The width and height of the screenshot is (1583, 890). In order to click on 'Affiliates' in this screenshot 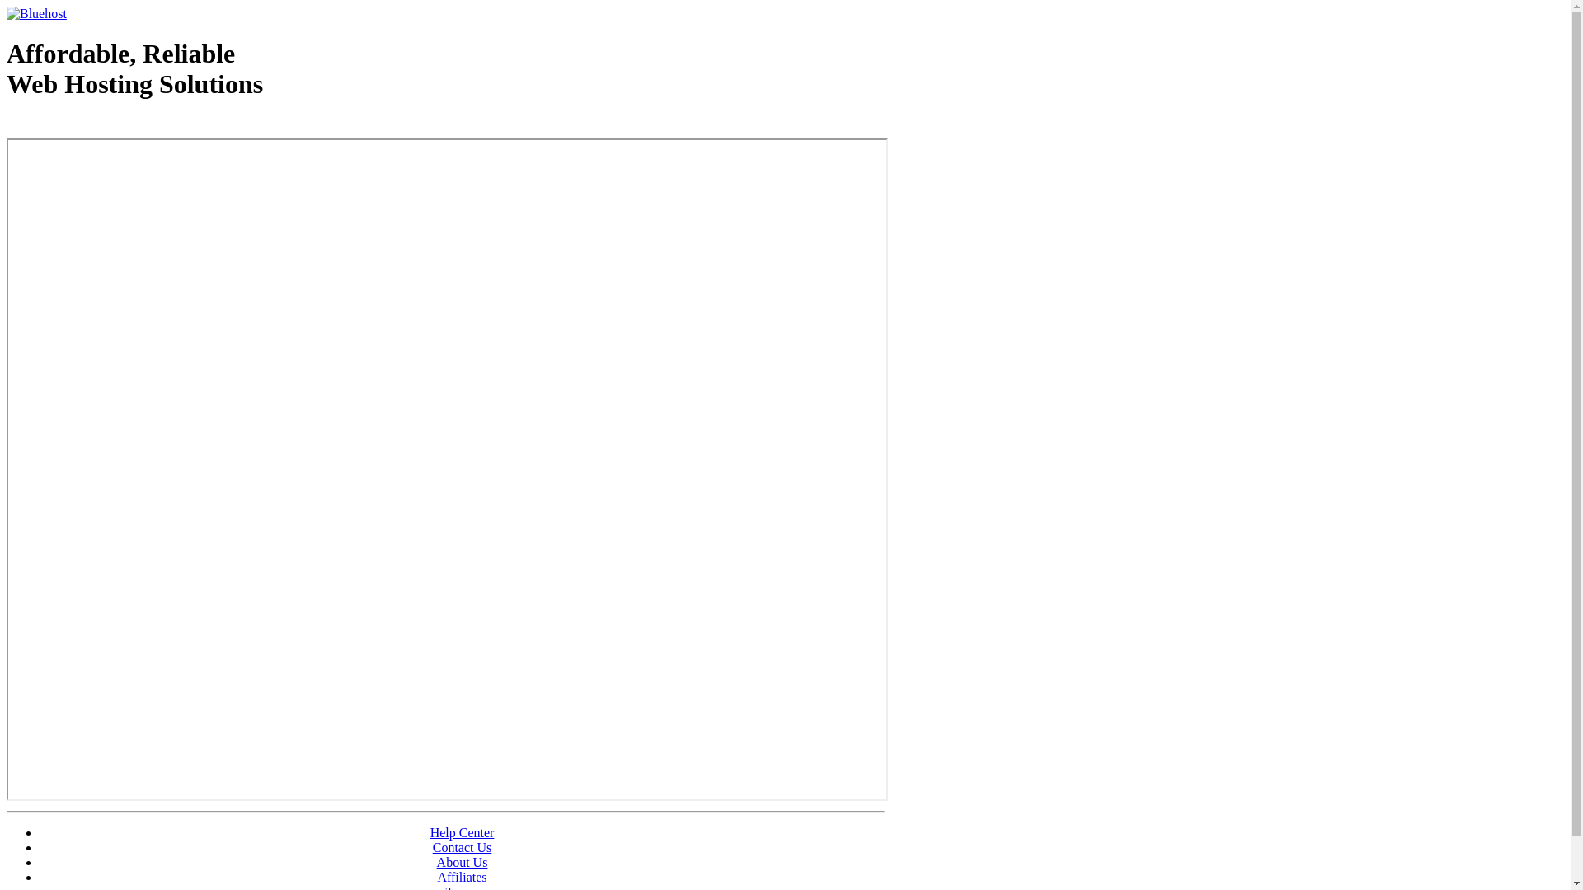, I will do `click(462, 876)`.